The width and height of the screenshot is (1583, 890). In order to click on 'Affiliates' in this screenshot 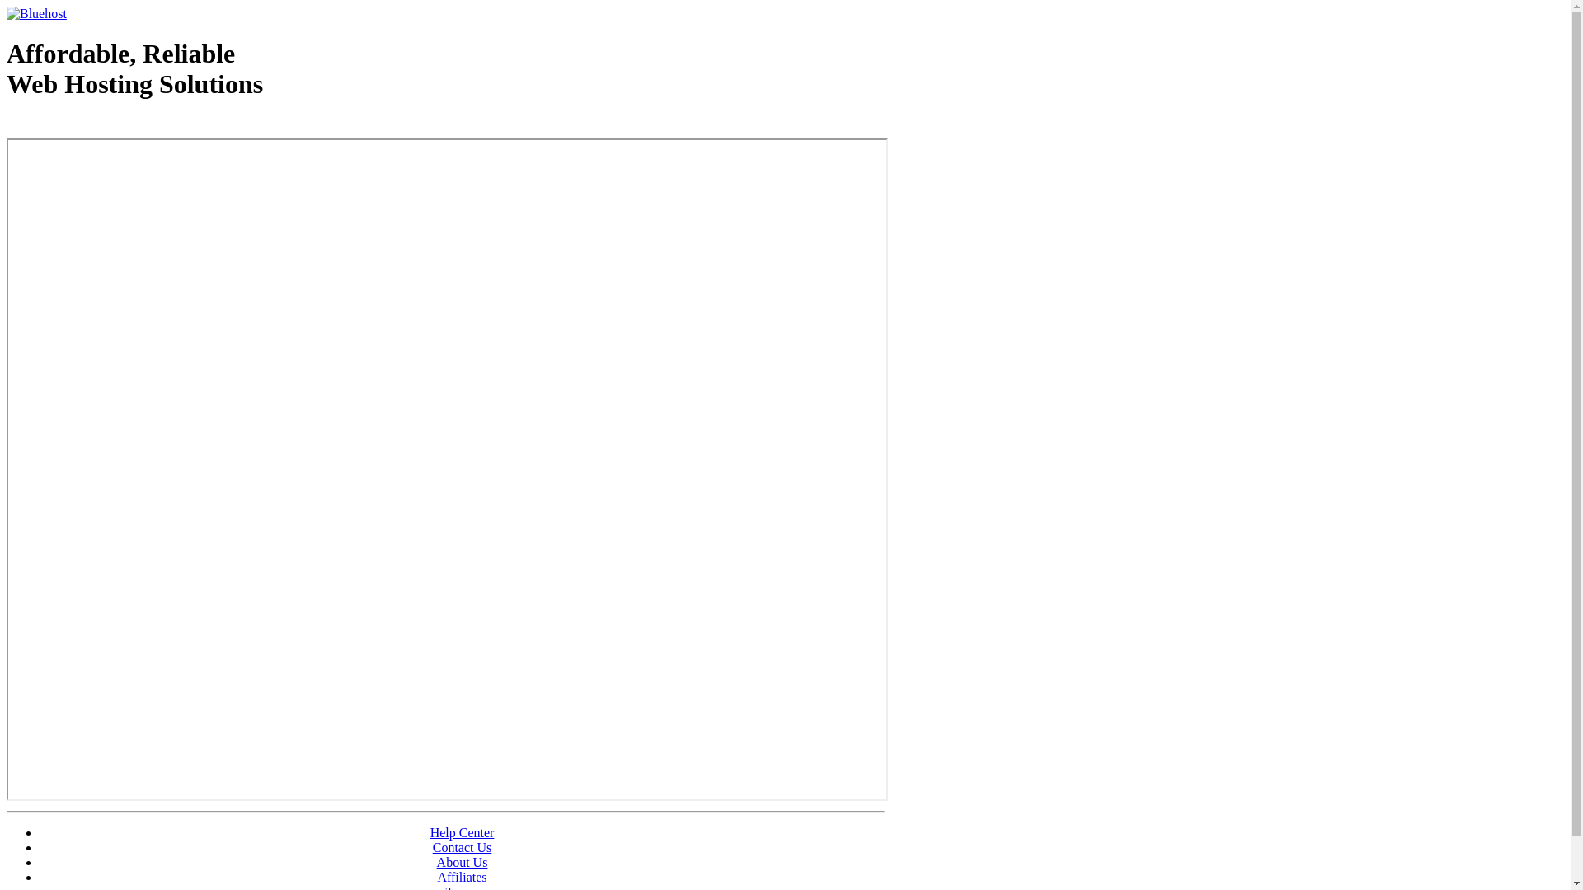, I will do `click(462, 876)`.